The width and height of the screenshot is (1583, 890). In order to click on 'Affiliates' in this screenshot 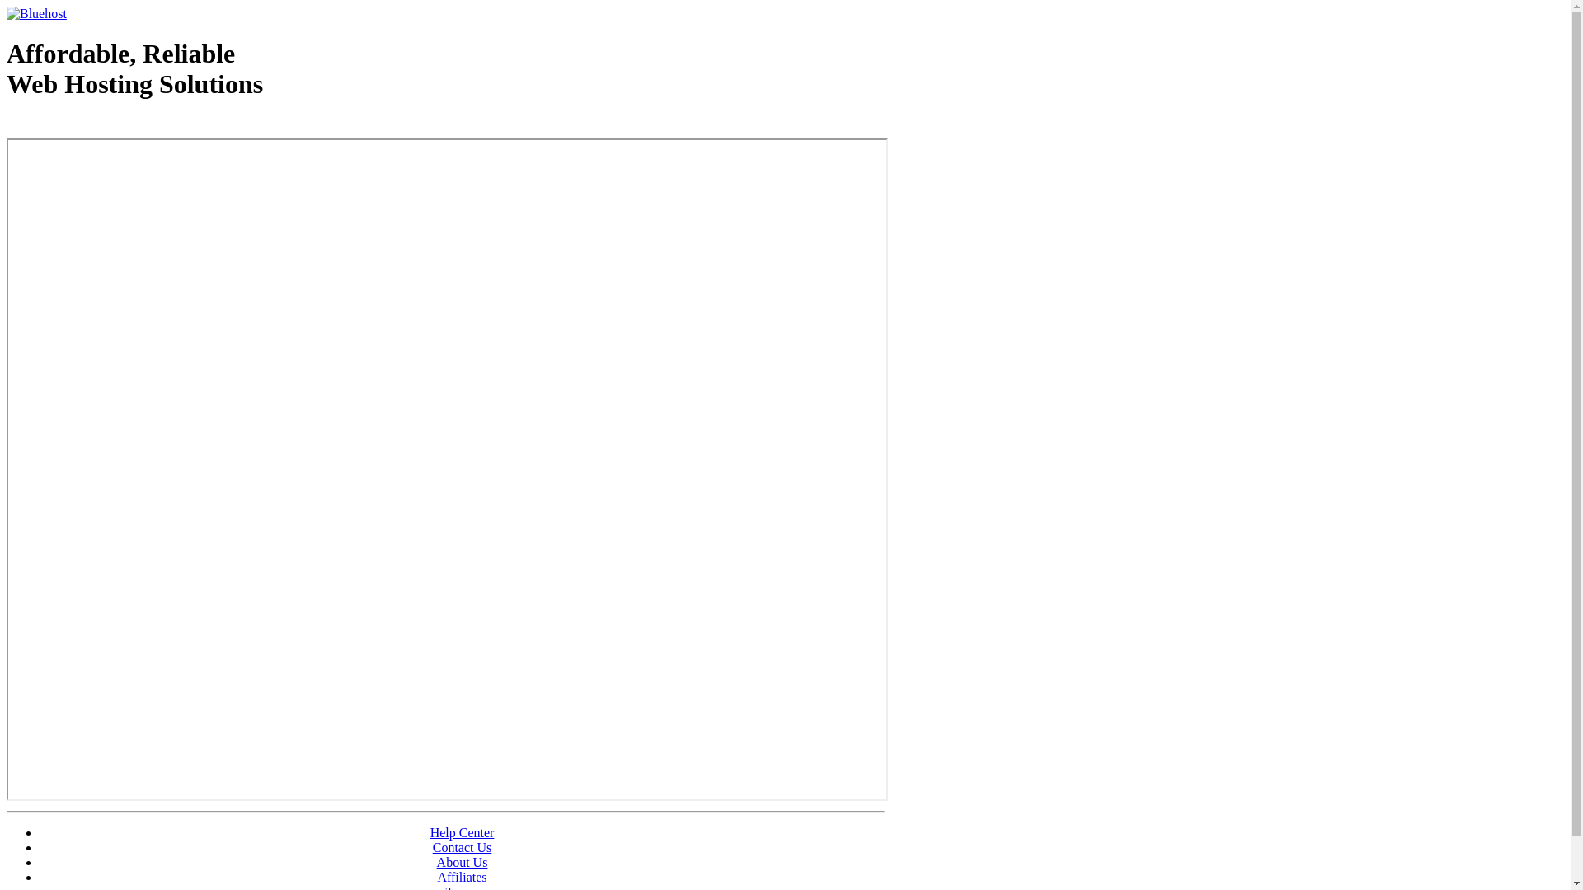, I will do `click(462, 876)`.